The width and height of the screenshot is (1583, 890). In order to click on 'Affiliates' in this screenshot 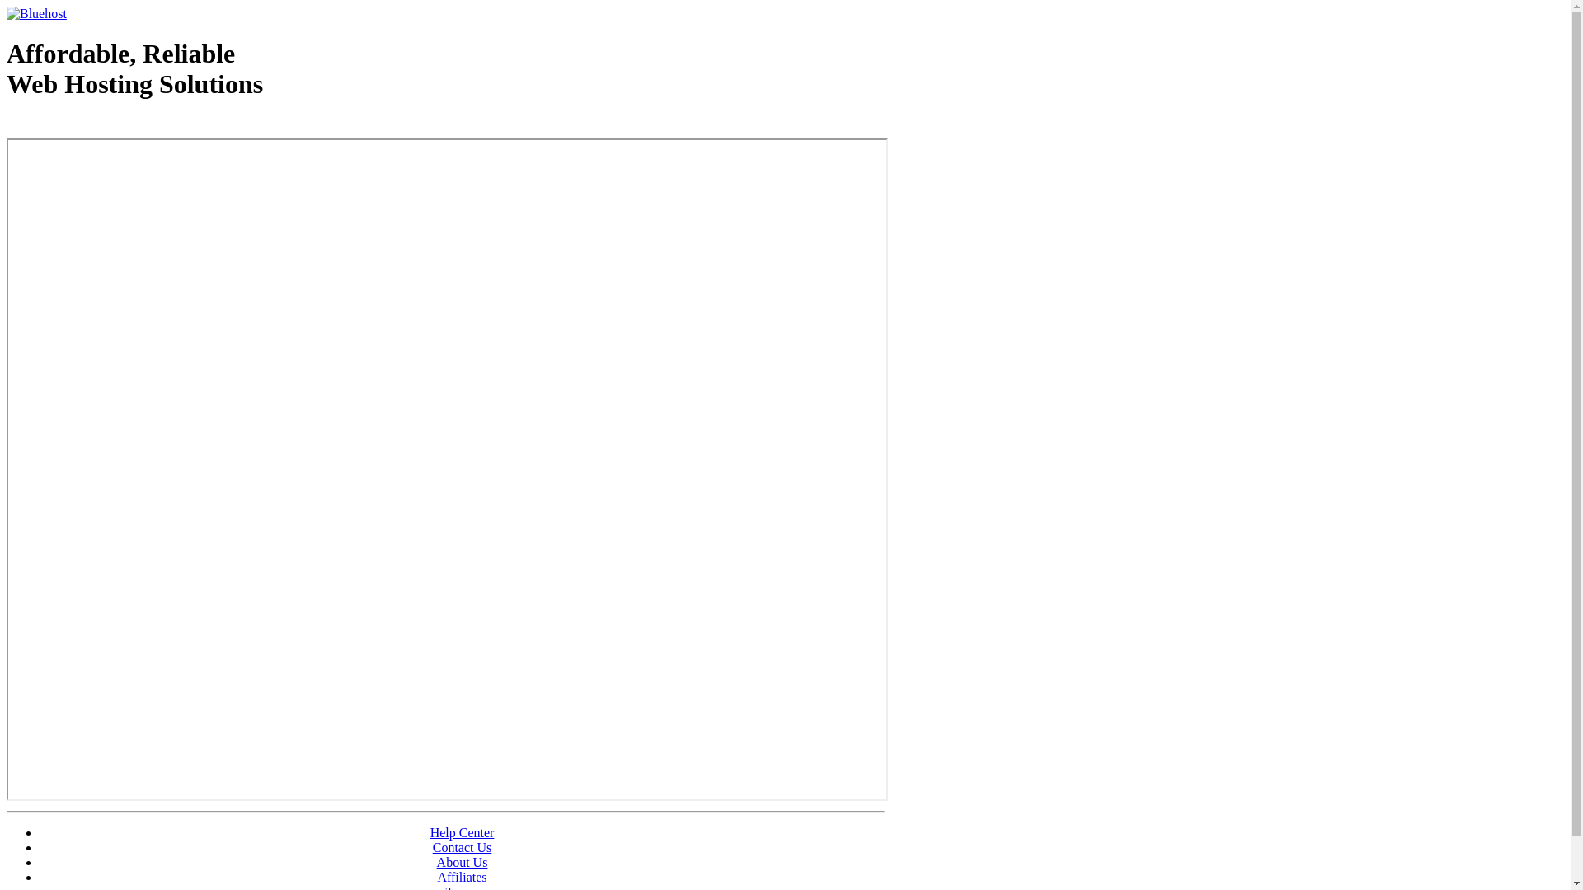, I will do `click(462, 876)`.